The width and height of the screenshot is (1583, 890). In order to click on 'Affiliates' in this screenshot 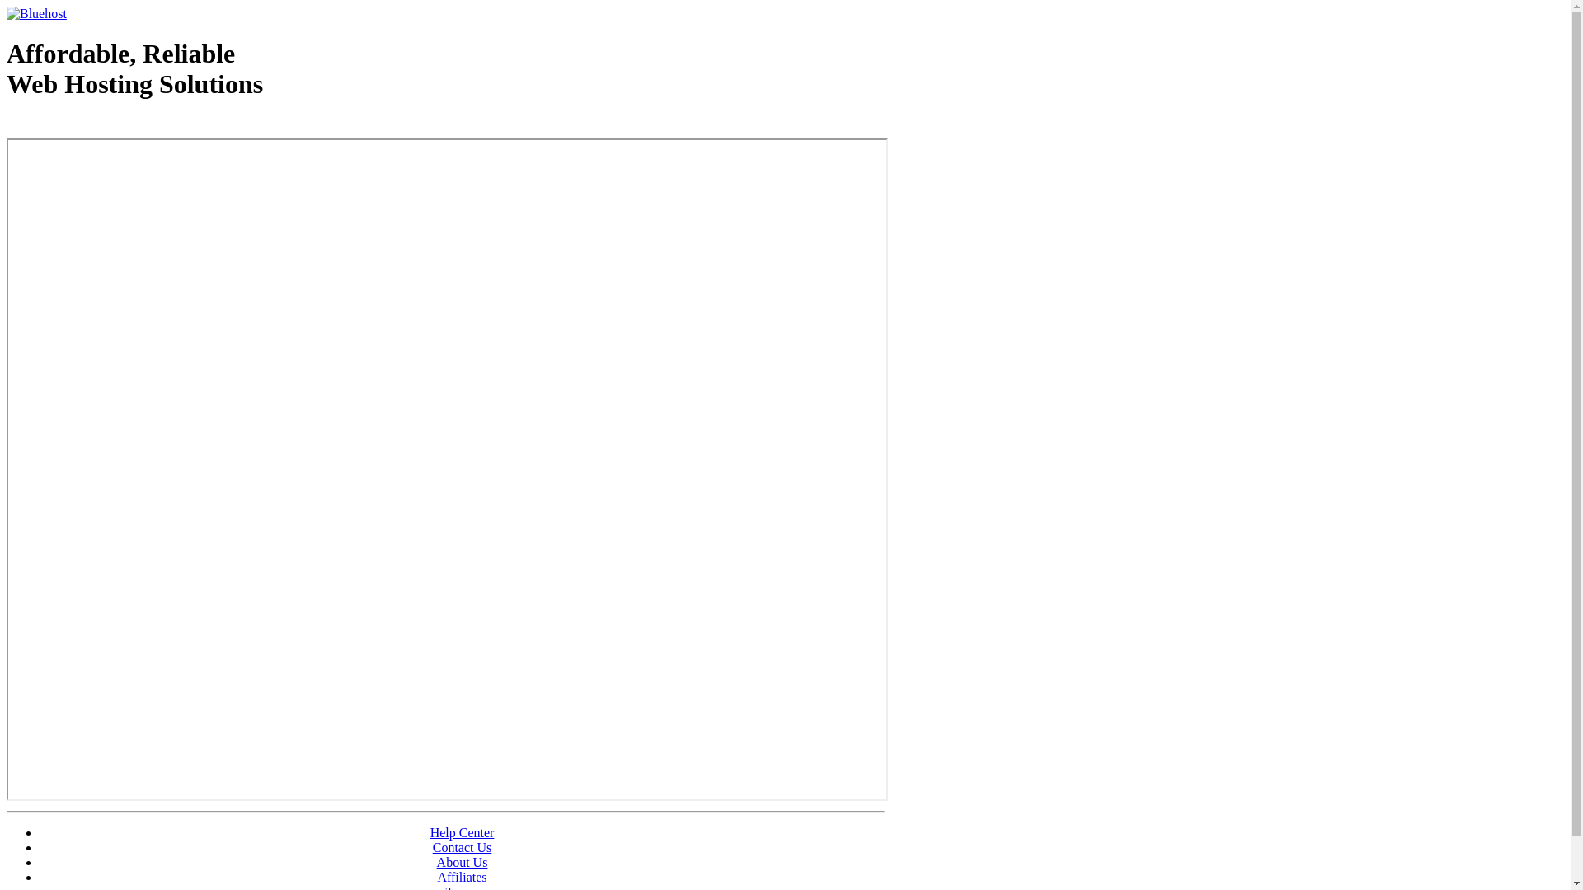, I will do `click(462, 876)`.